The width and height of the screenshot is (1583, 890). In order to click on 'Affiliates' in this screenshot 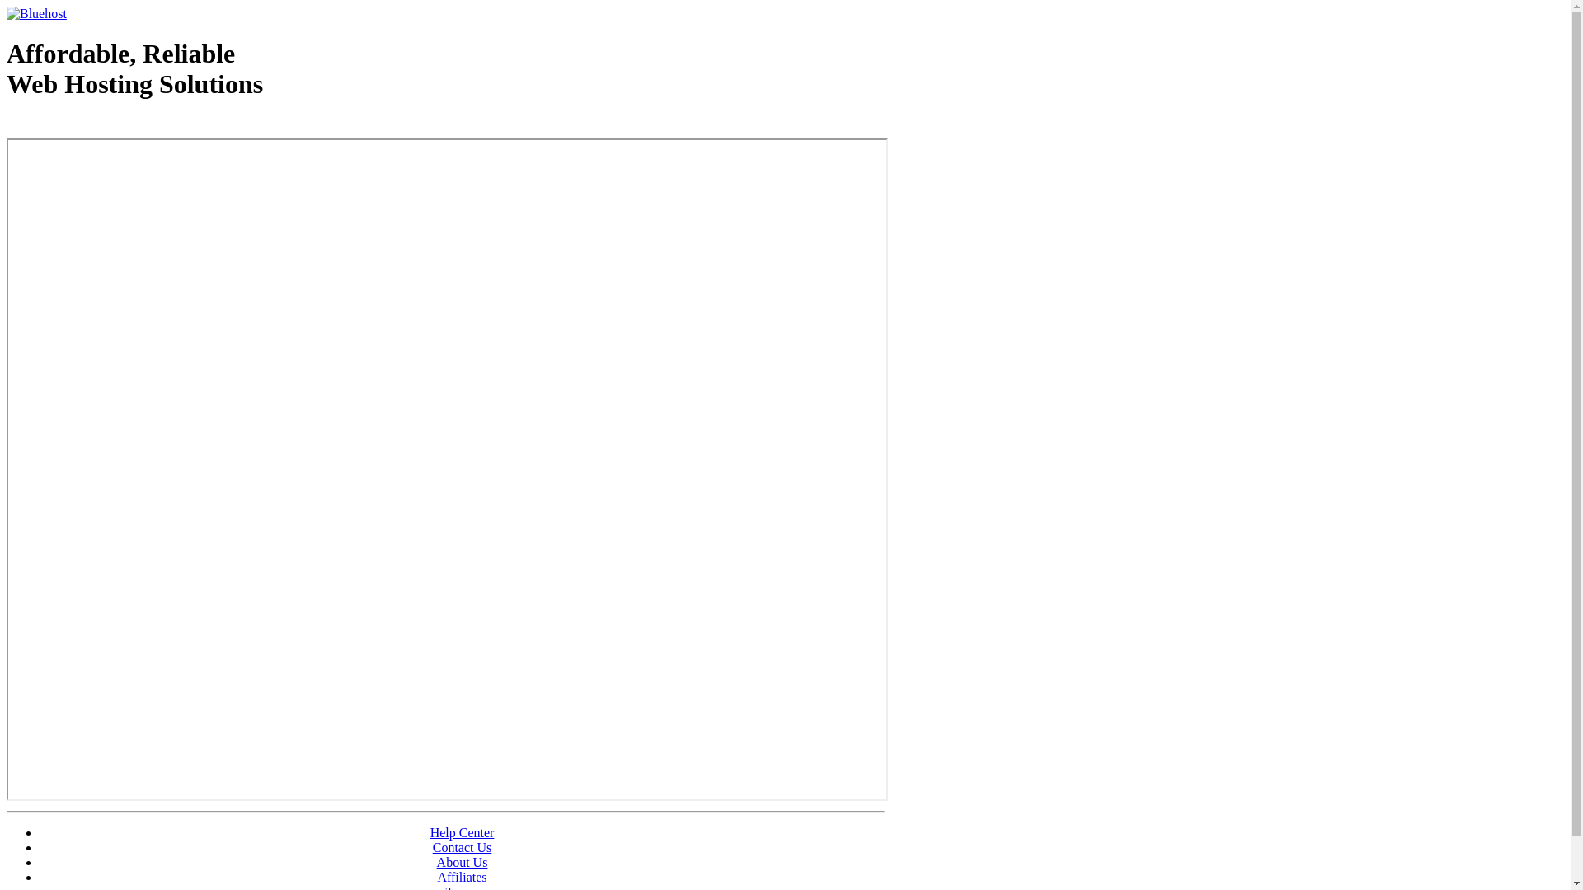, I will do `click(462, 876)`.